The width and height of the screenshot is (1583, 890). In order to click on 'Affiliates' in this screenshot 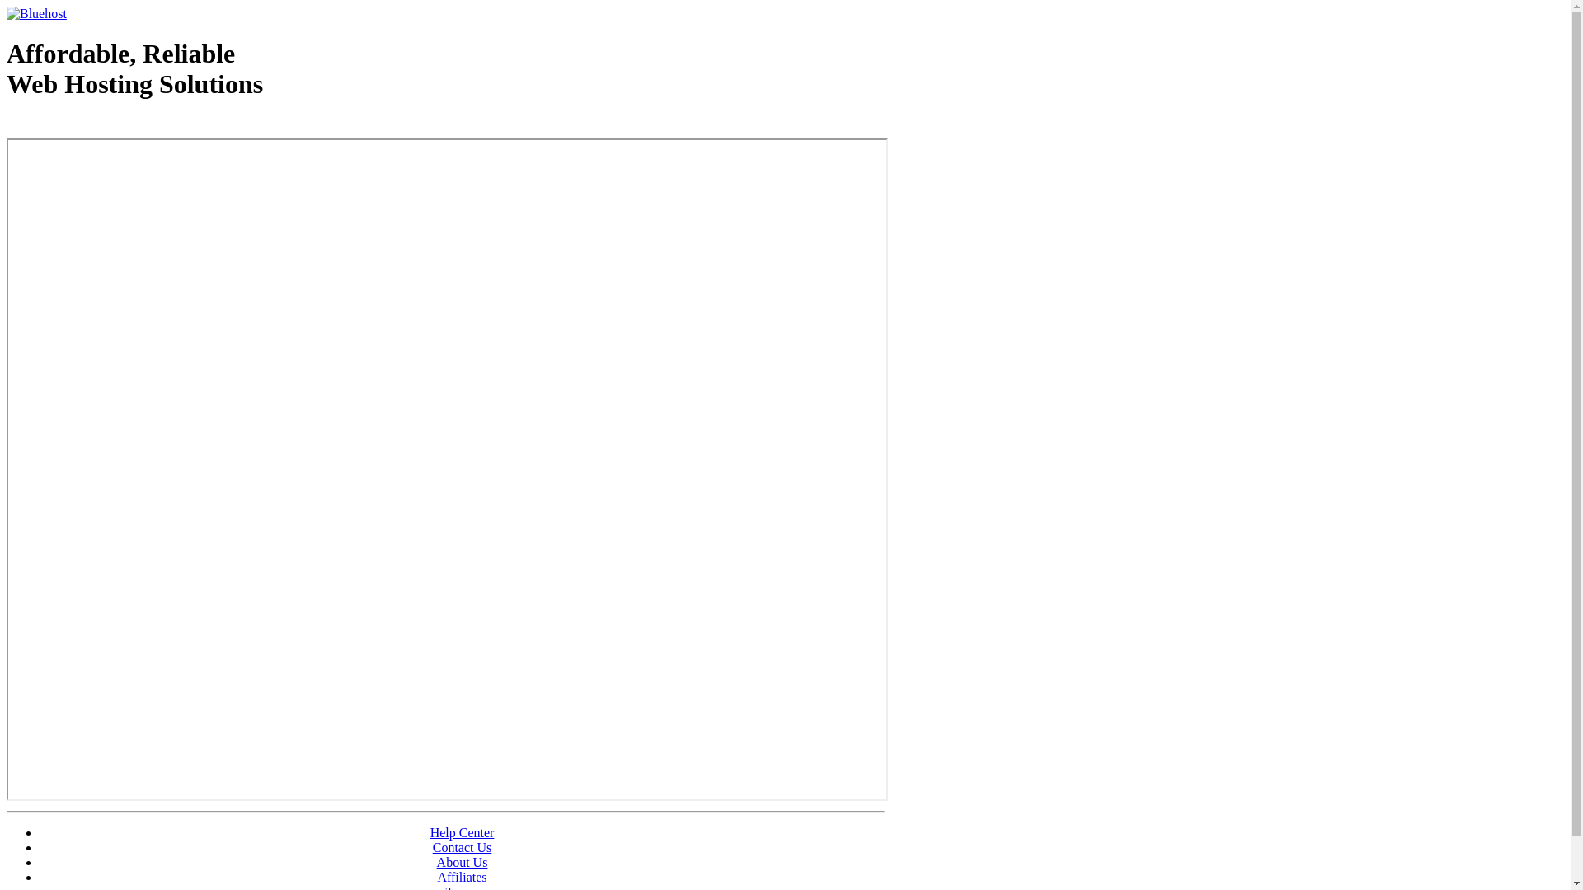, I will do `click(462, 876)`.